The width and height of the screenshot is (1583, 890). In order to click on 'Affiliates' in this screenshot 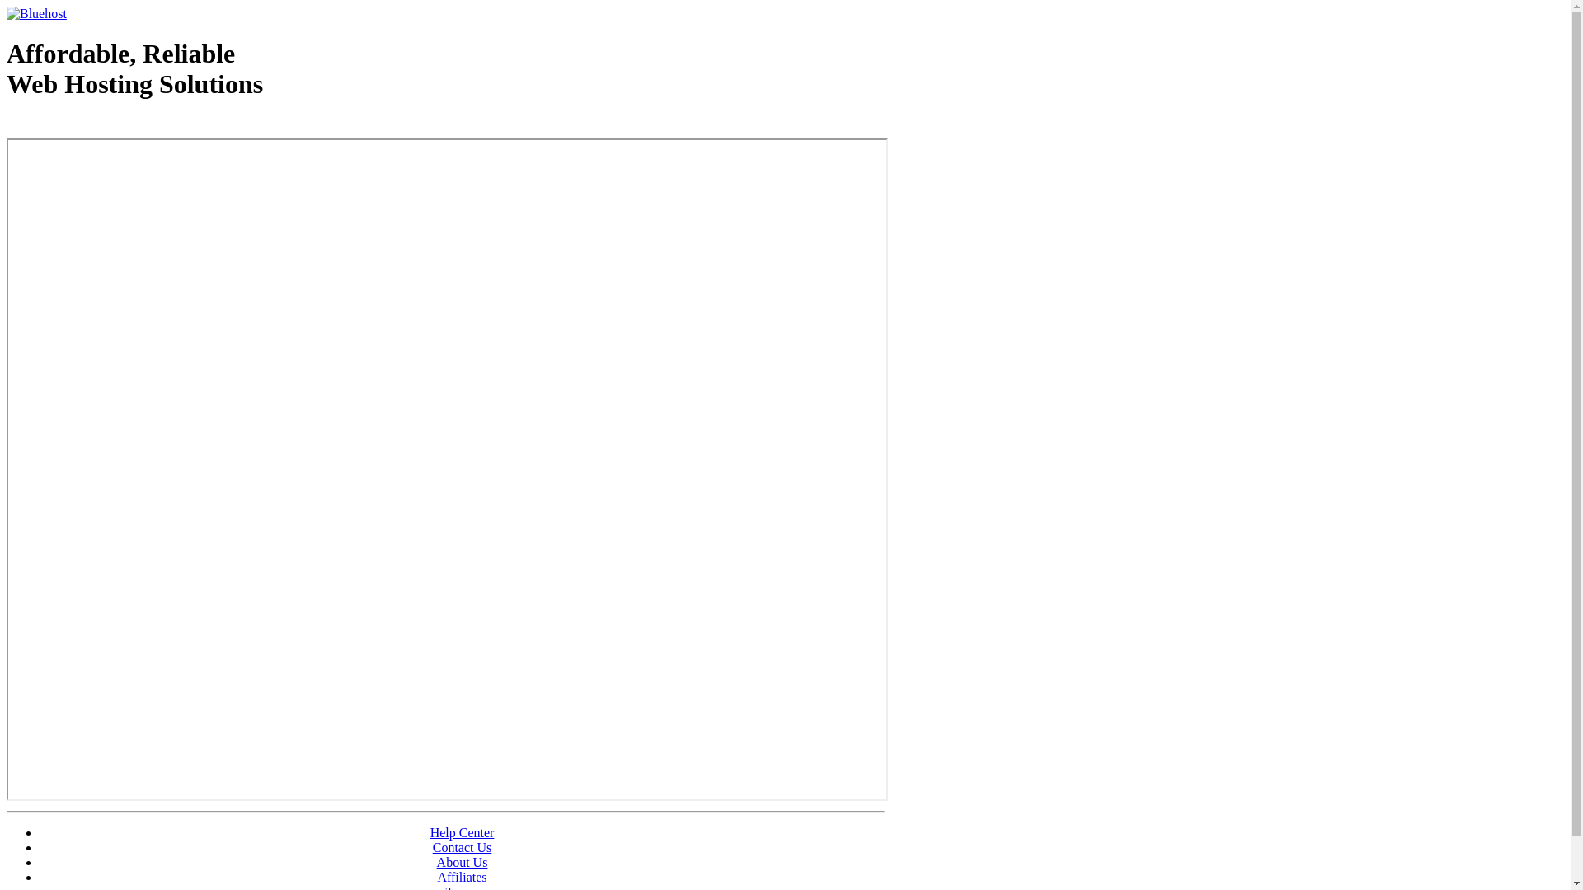, I will do `click(462, 876)`.